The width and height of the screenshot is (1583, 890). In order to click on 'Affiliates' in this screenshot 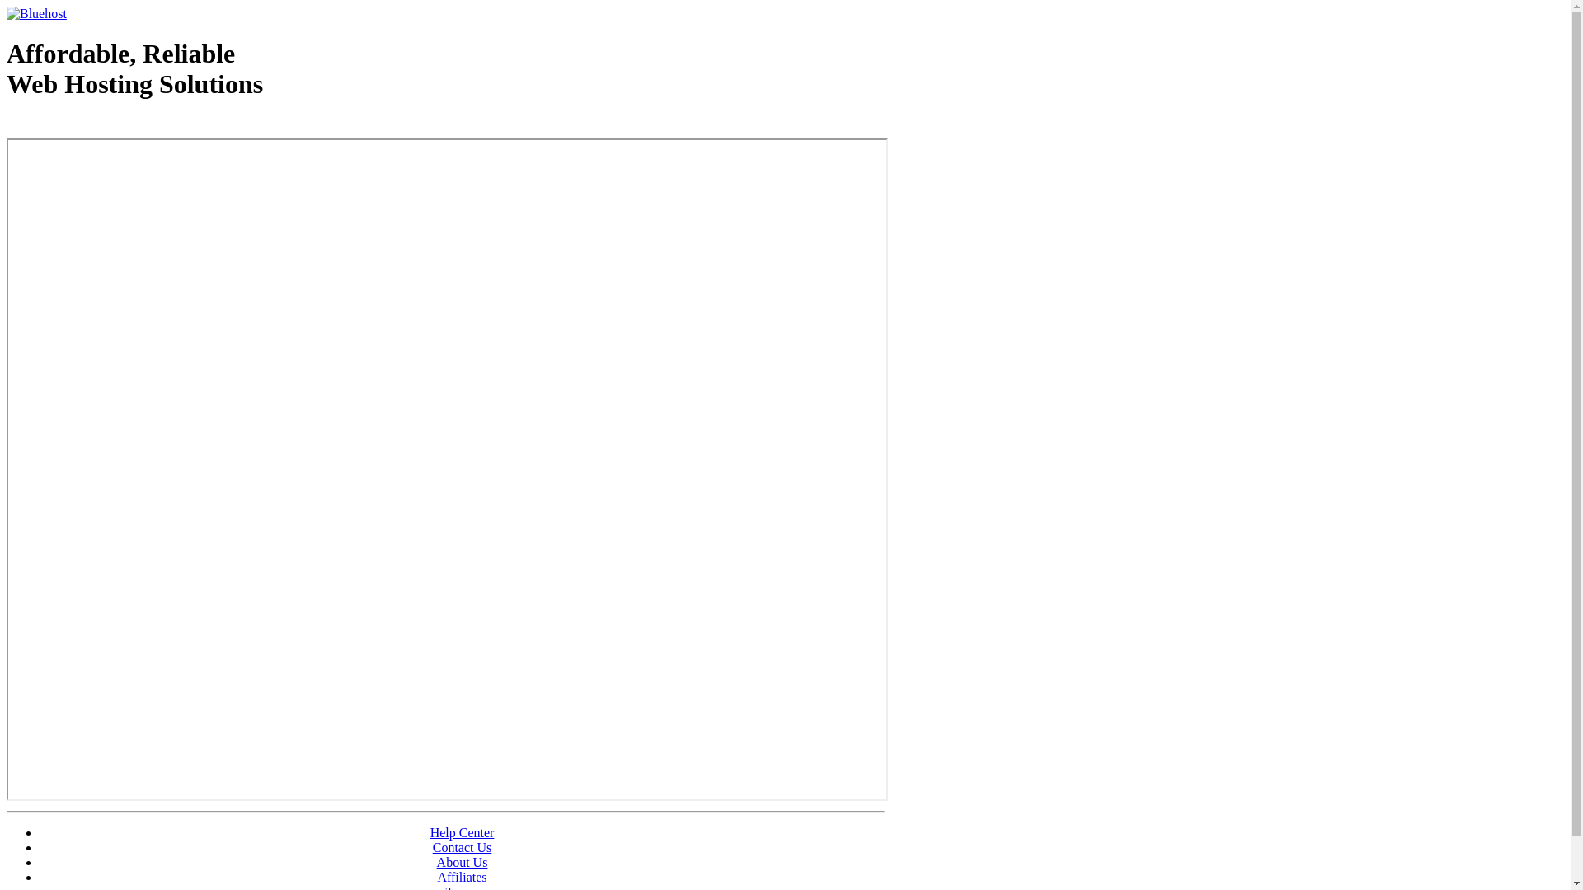, I will do `click(462, 876)`.